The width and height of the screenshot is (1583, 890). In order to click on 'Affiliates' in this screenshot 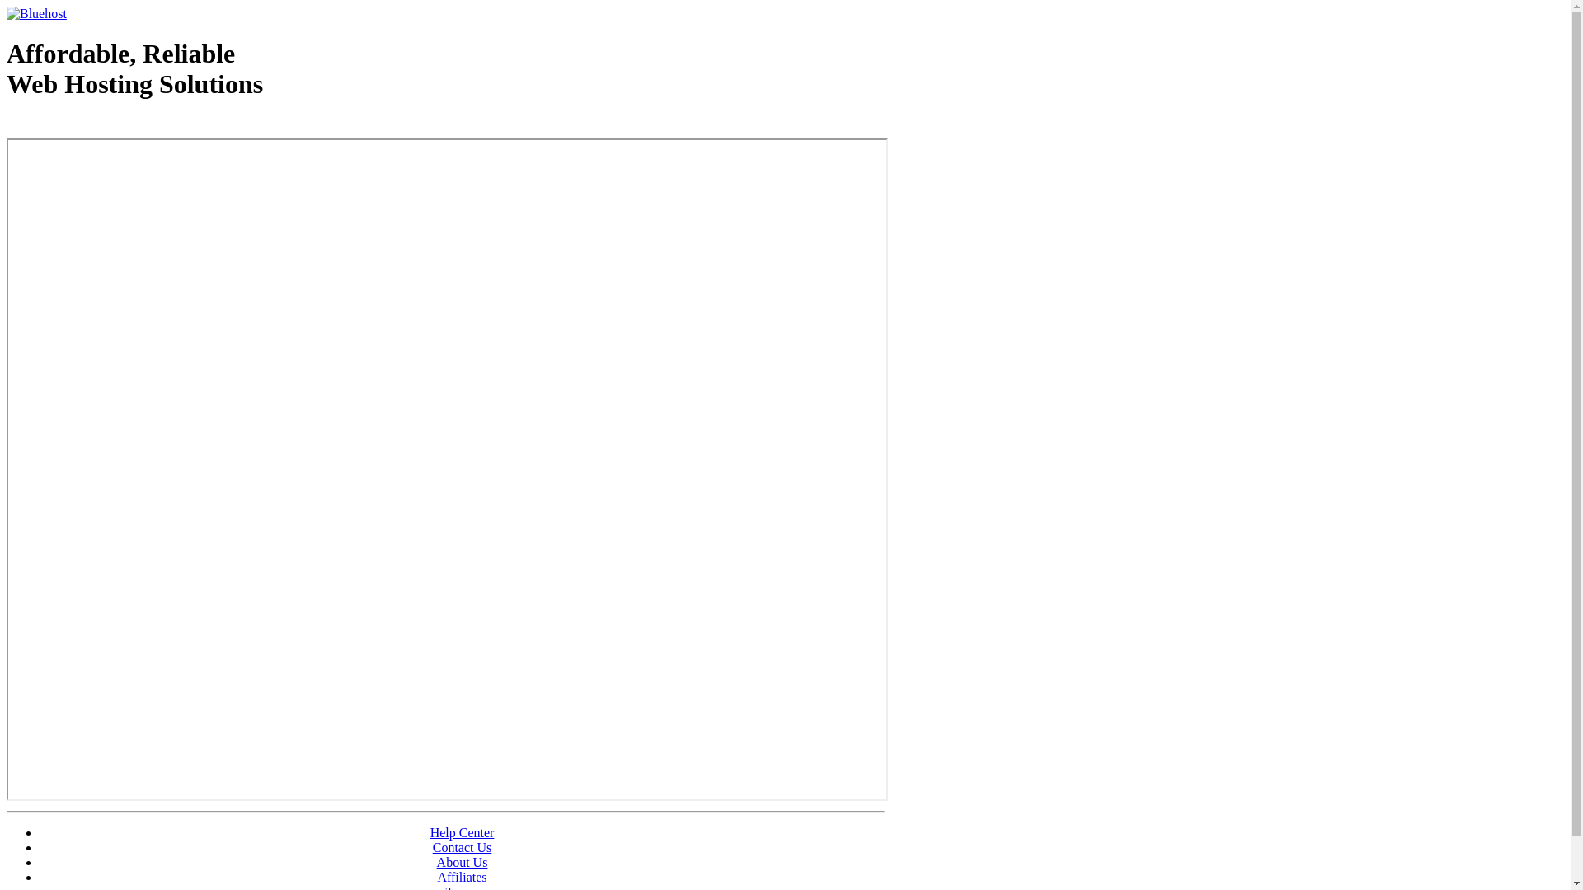, I will do `click(462, 876)`.